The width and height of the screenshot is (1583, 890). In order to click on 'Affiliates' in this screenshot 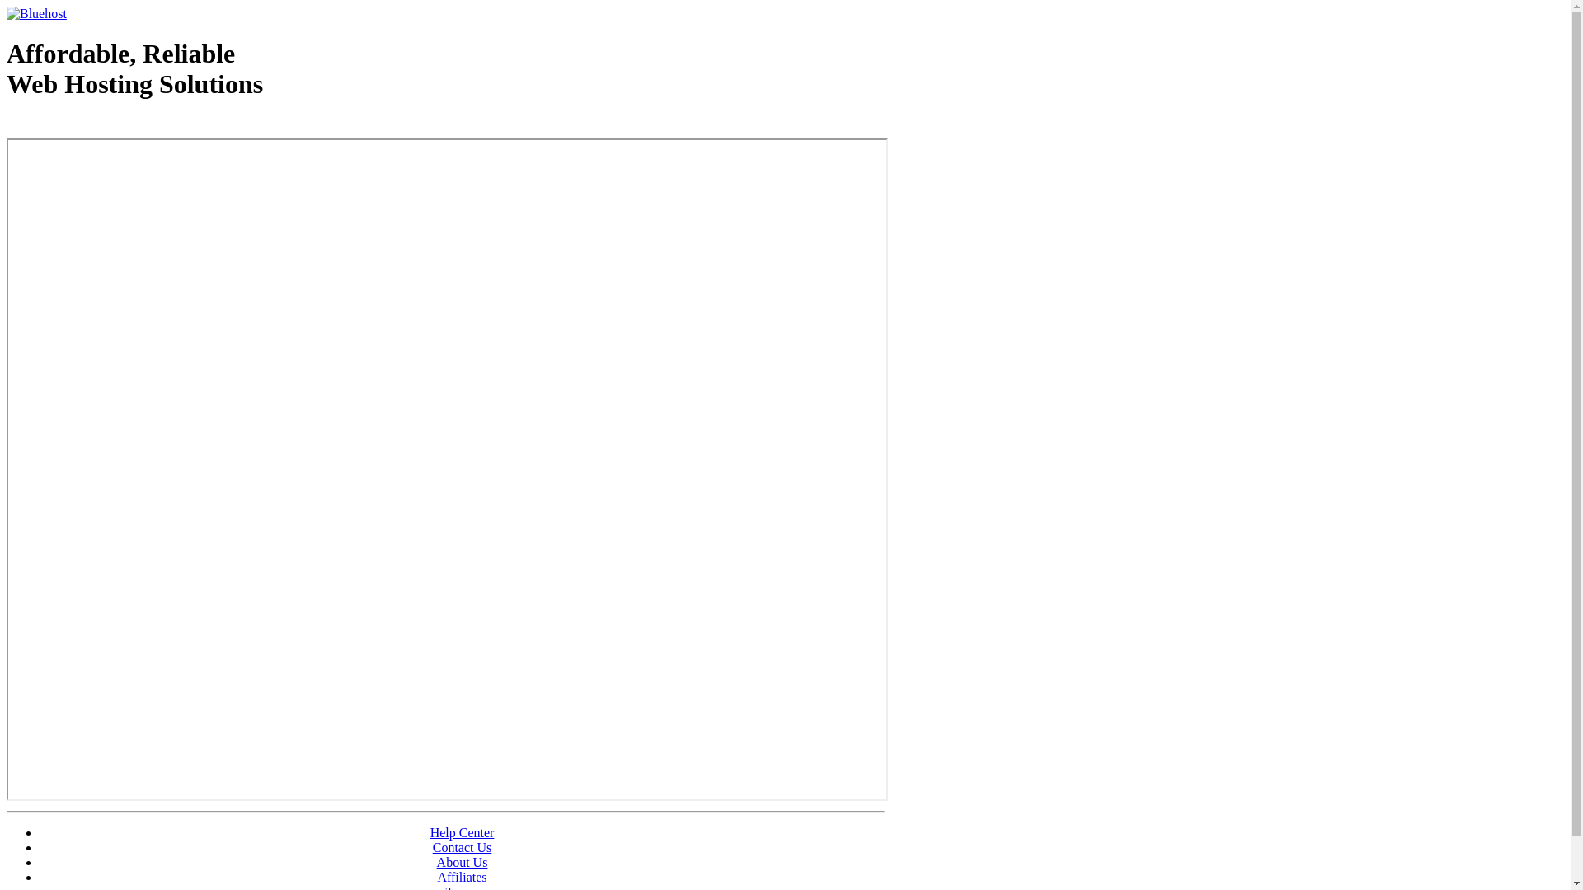, I will do `click(462, 876)`.